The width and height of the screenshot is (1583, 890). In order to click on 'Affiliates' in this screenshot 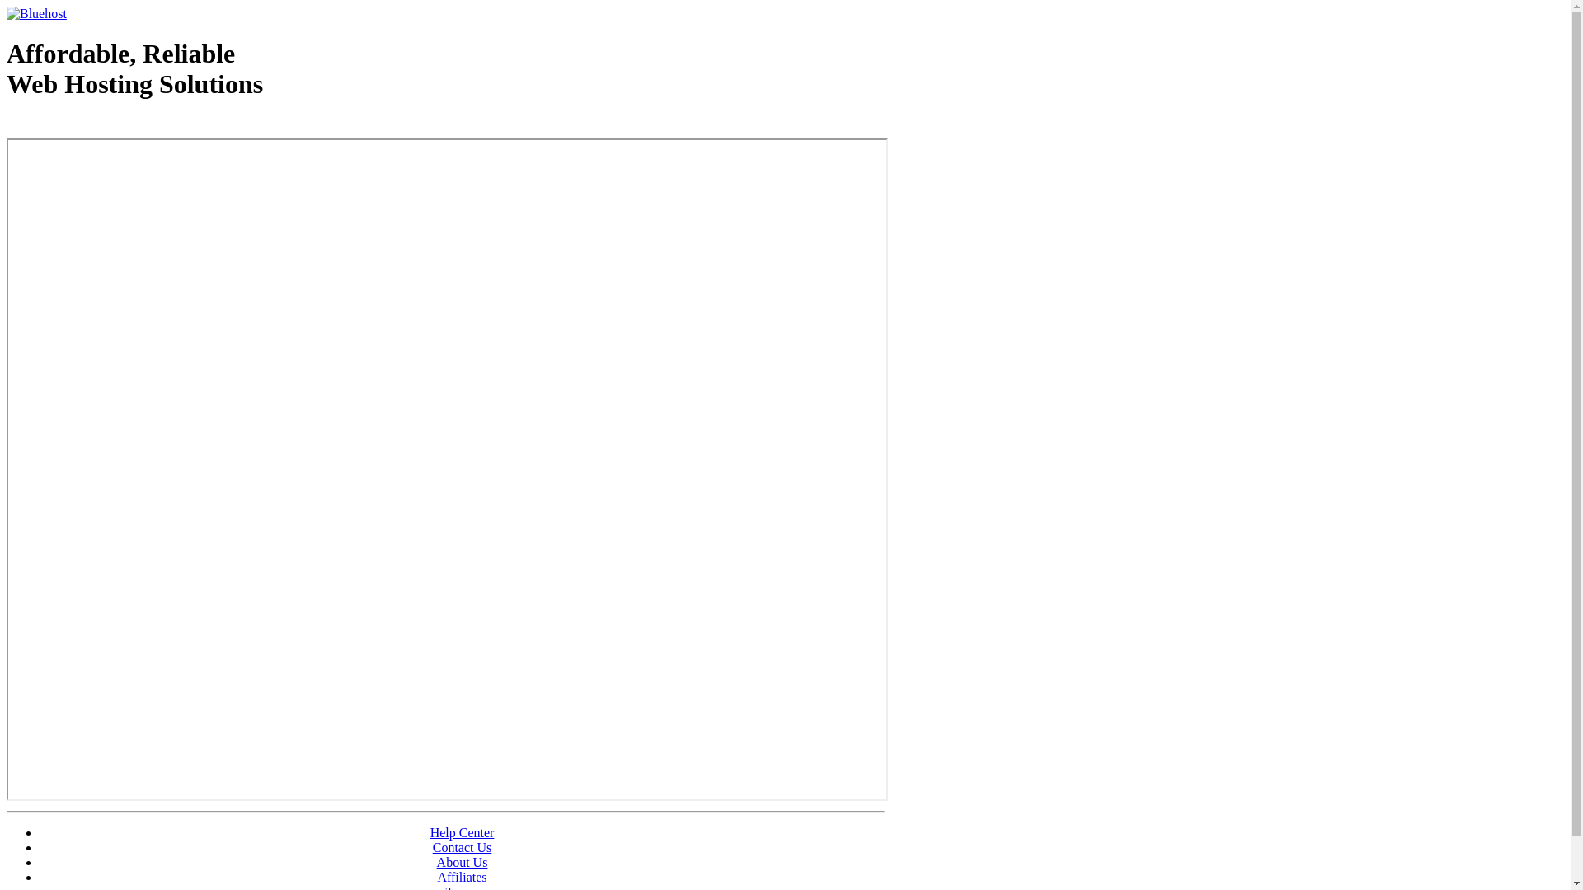, I will do `click(462, 876)`.